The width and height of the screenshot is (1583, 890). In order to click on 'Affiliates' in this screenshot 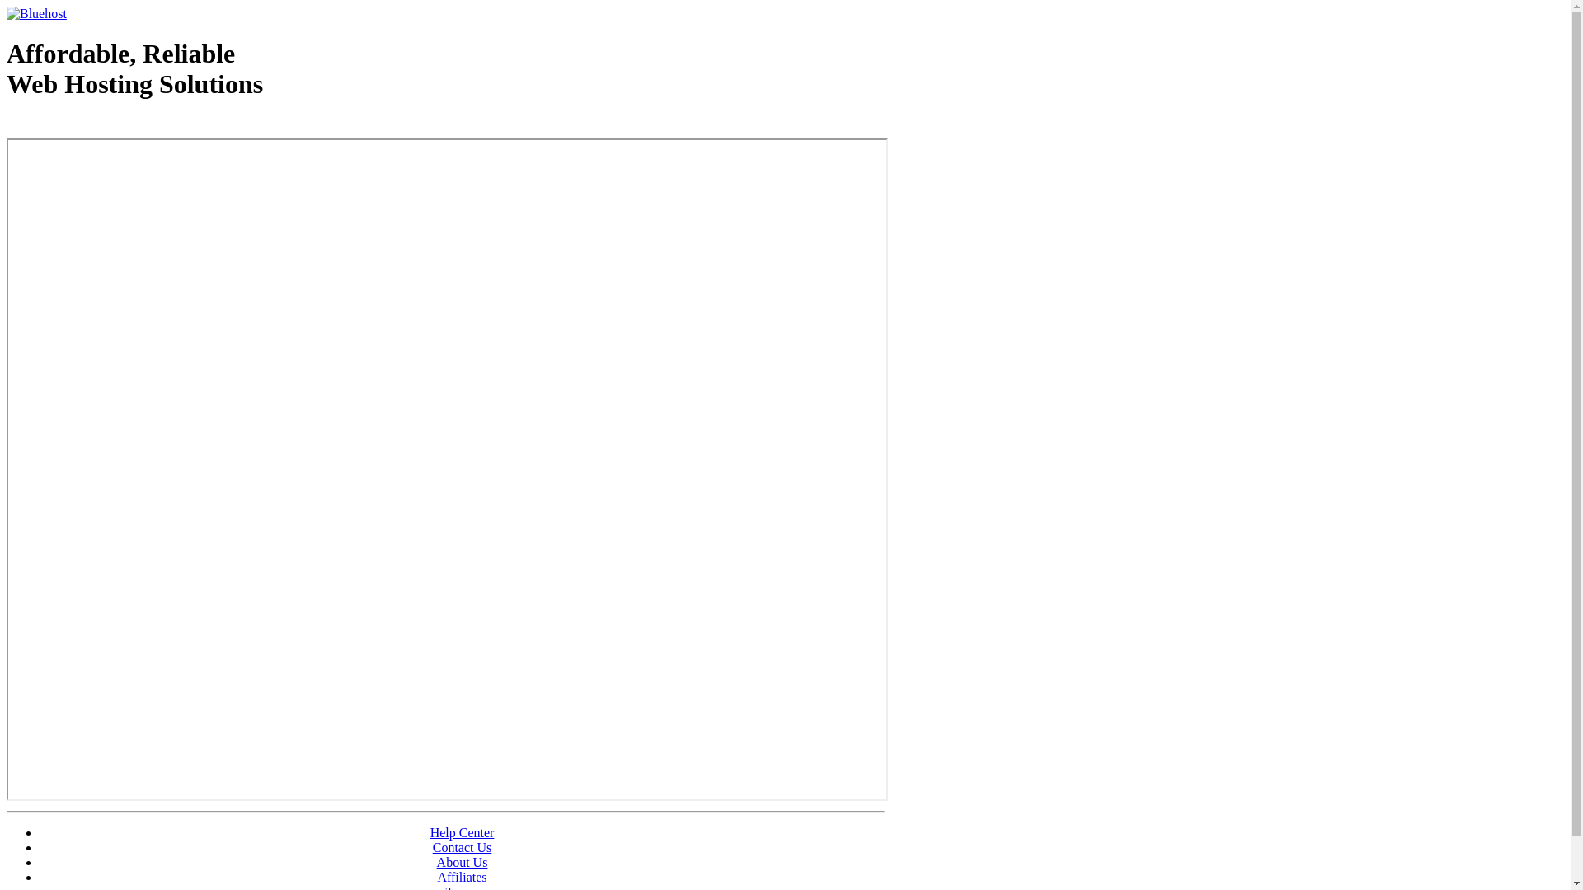, I will do `click(462, 876)`.